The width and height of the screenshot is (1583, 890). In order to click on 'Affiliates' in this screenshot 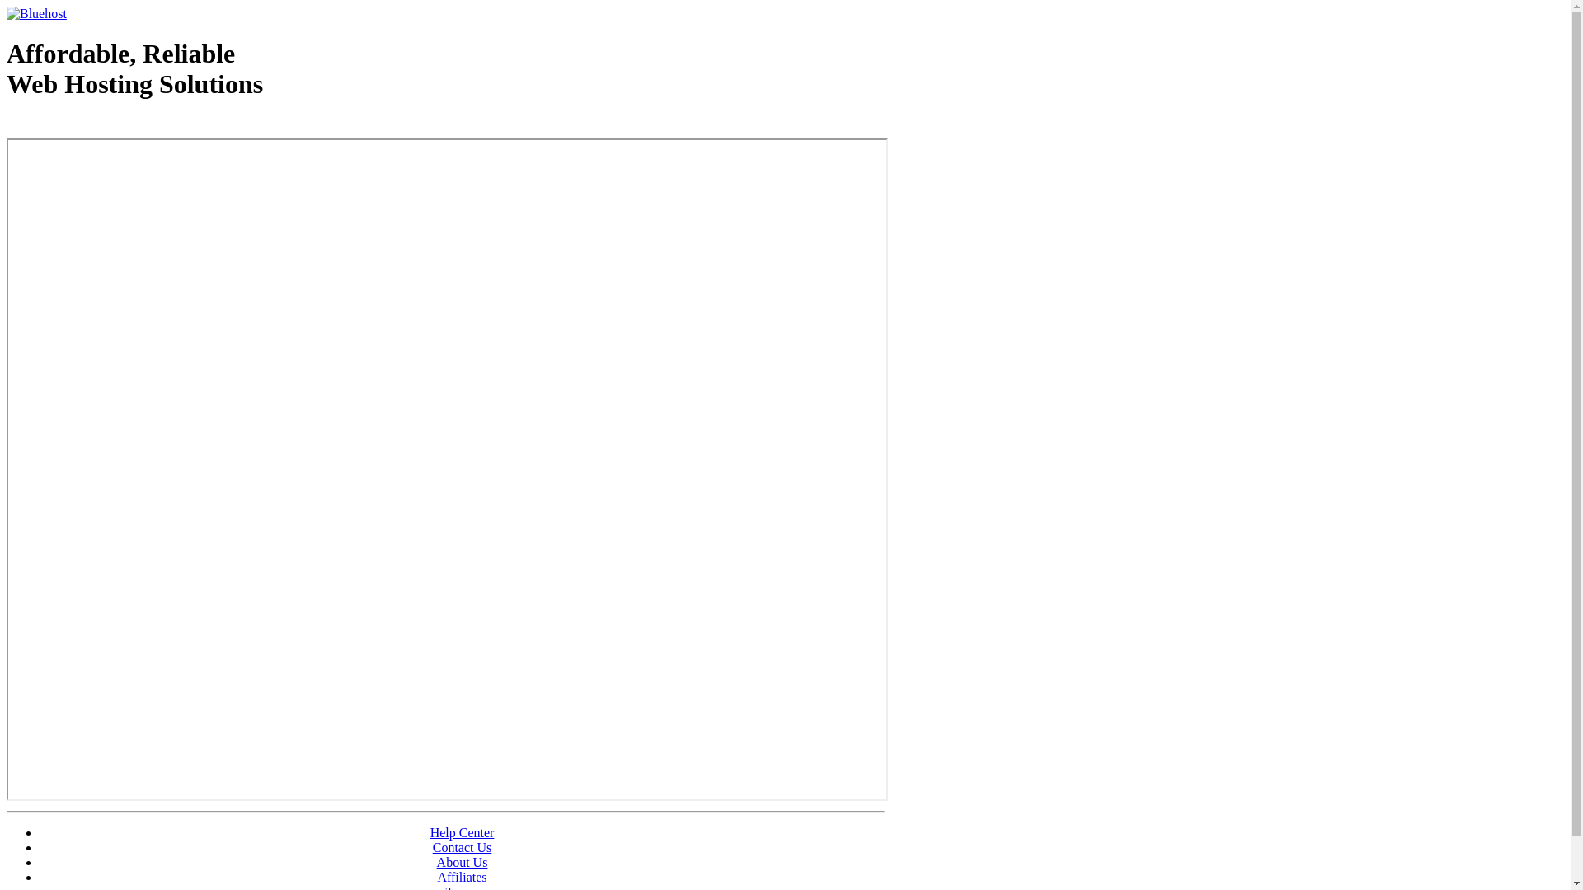, I will do `click(462, 876)`.